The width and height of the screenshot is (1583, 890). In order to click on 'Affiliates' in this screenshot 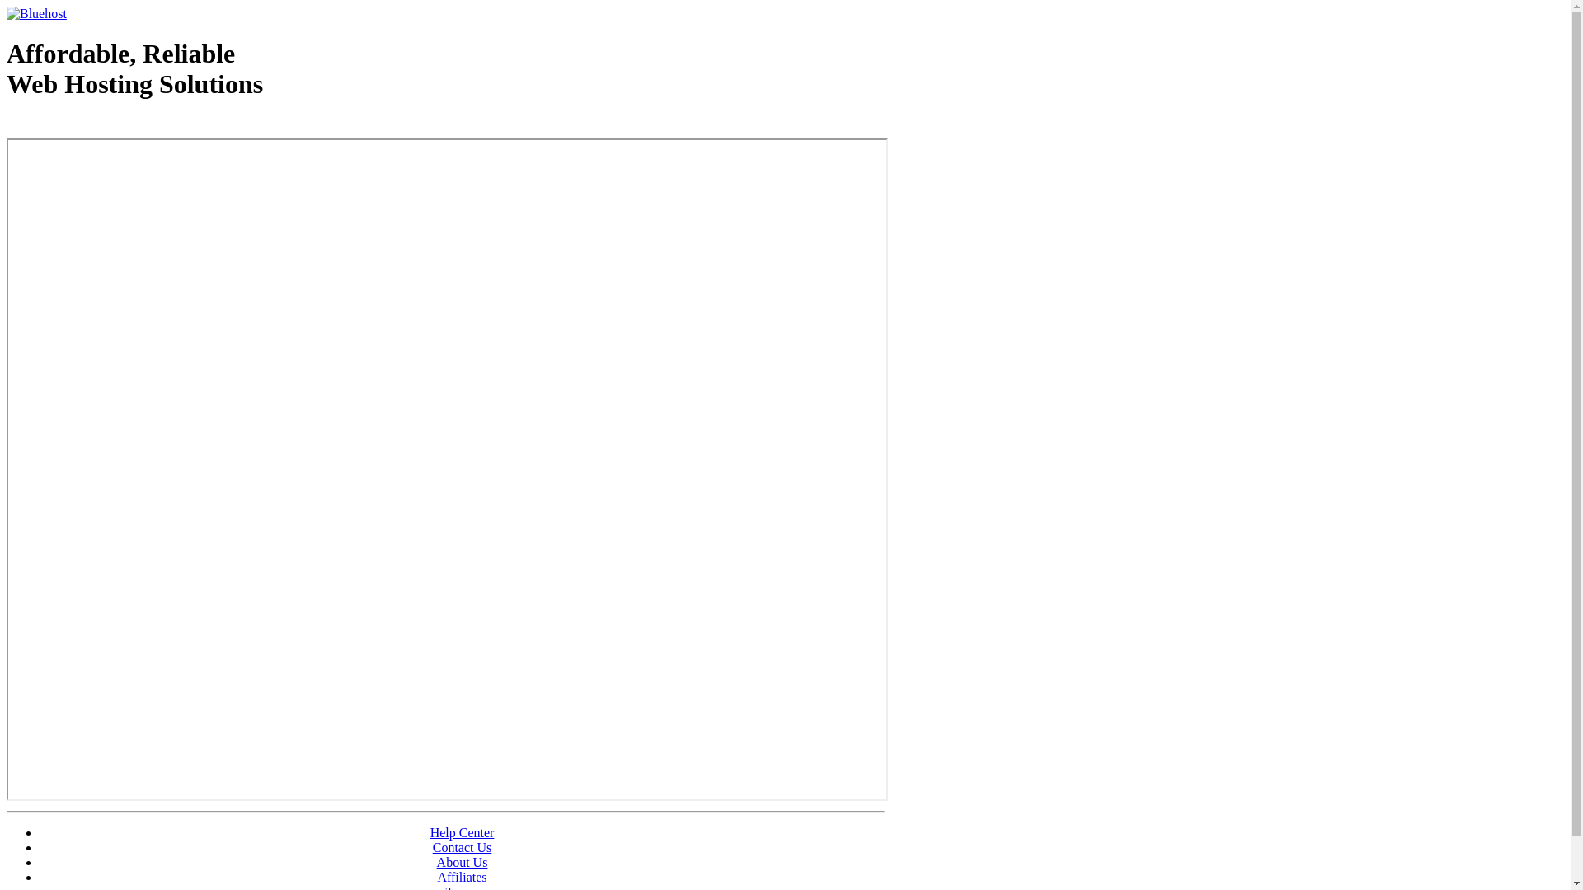, I will do `click(462, 876)`.